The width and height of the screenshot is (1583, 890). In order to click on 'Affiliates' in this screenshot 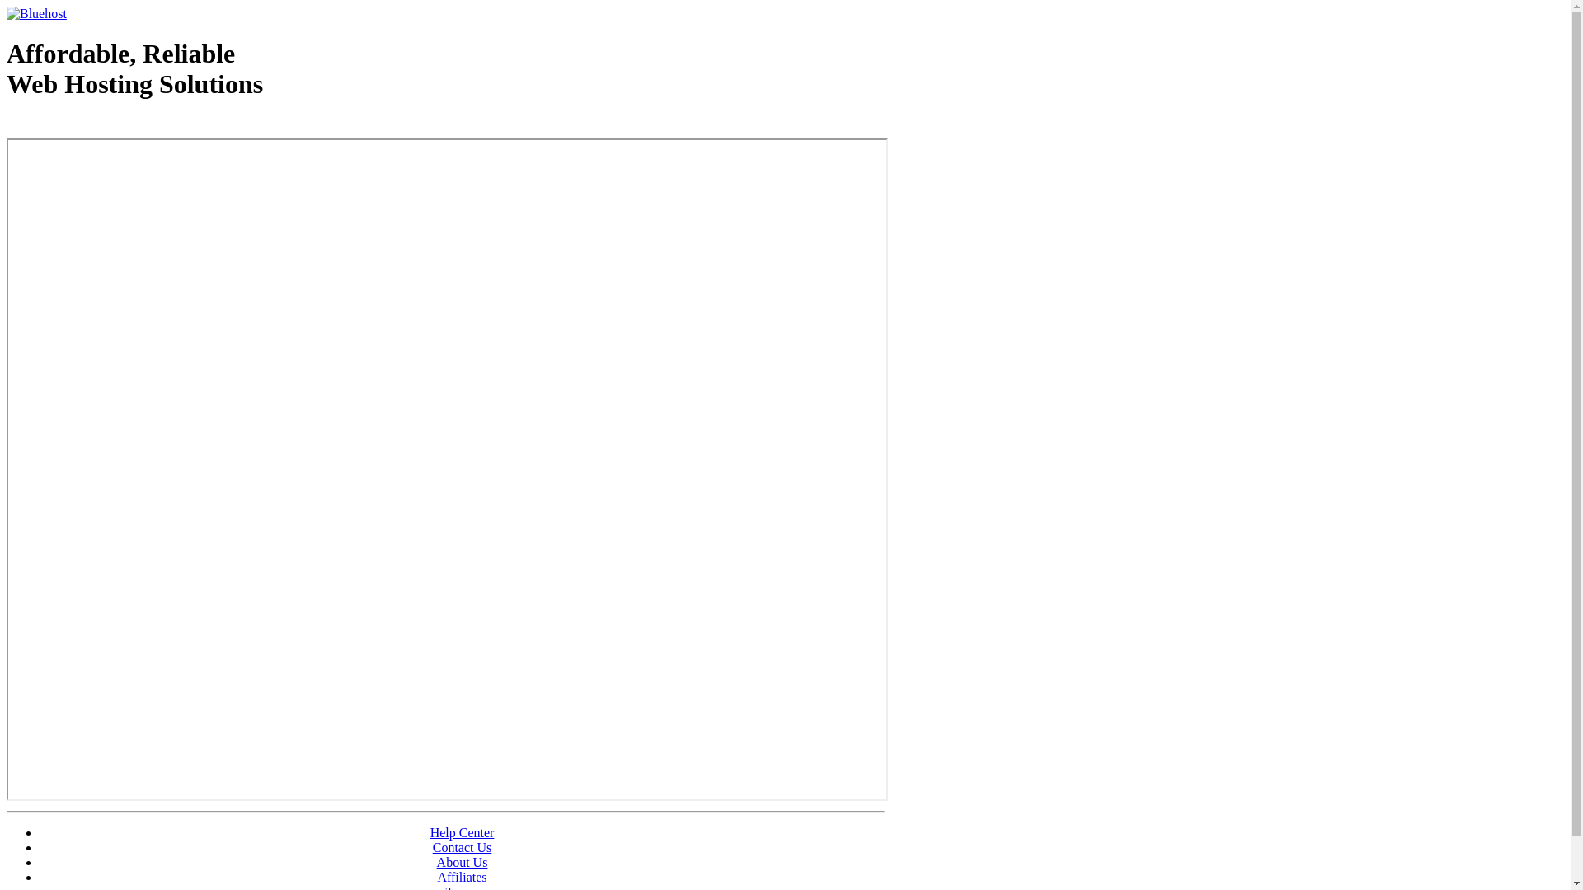, I will do `click(462, 876)`.